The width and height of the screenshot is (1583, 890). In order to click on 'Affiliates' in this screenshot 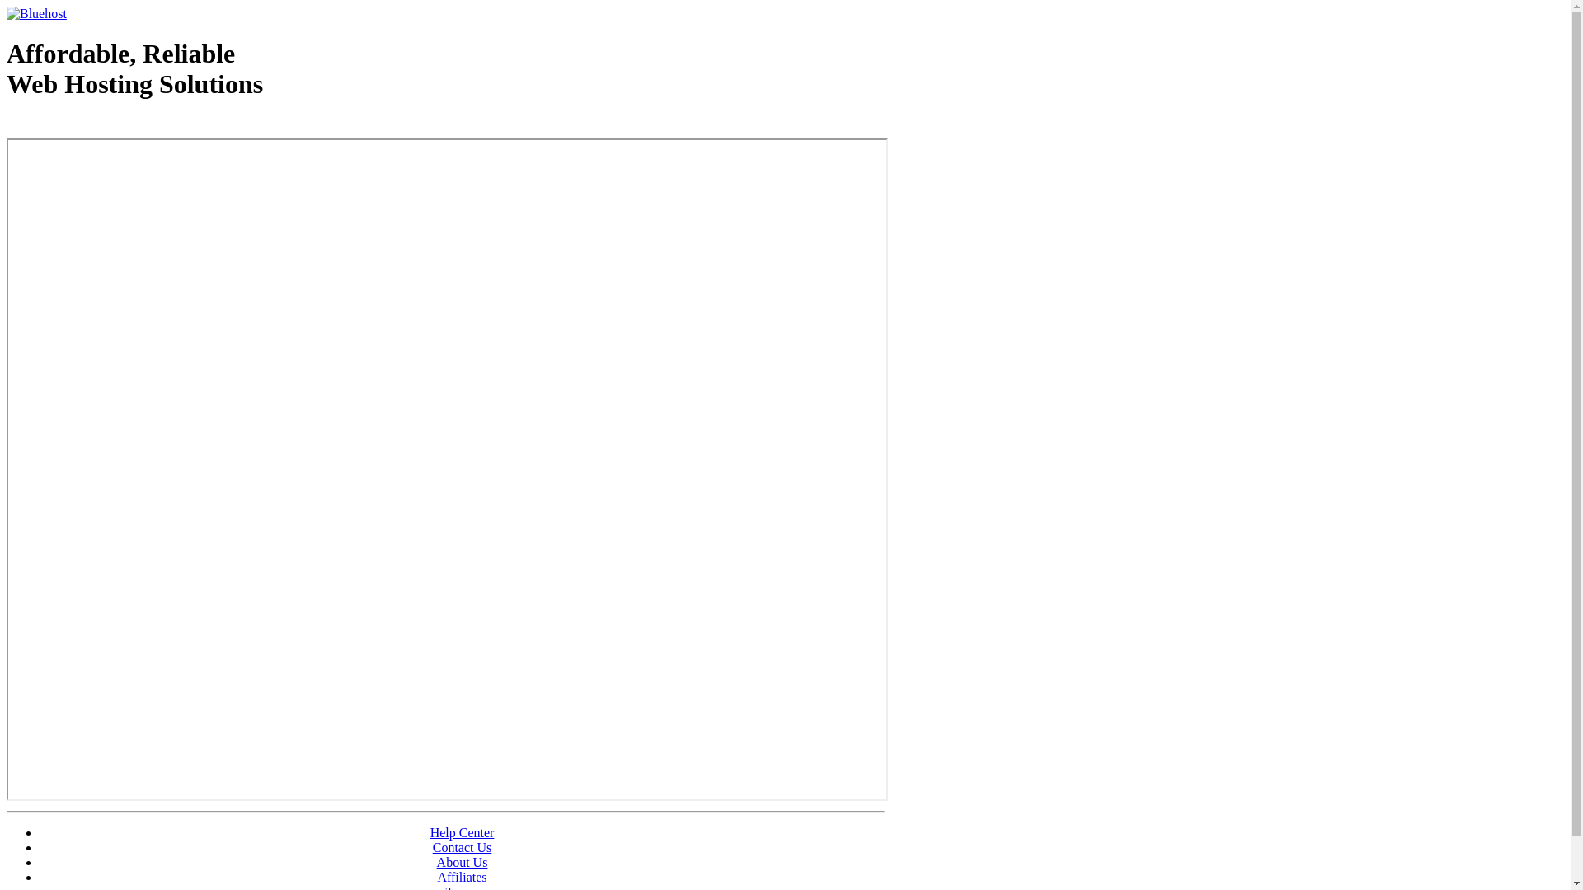, I will do `click(462, 876)`.